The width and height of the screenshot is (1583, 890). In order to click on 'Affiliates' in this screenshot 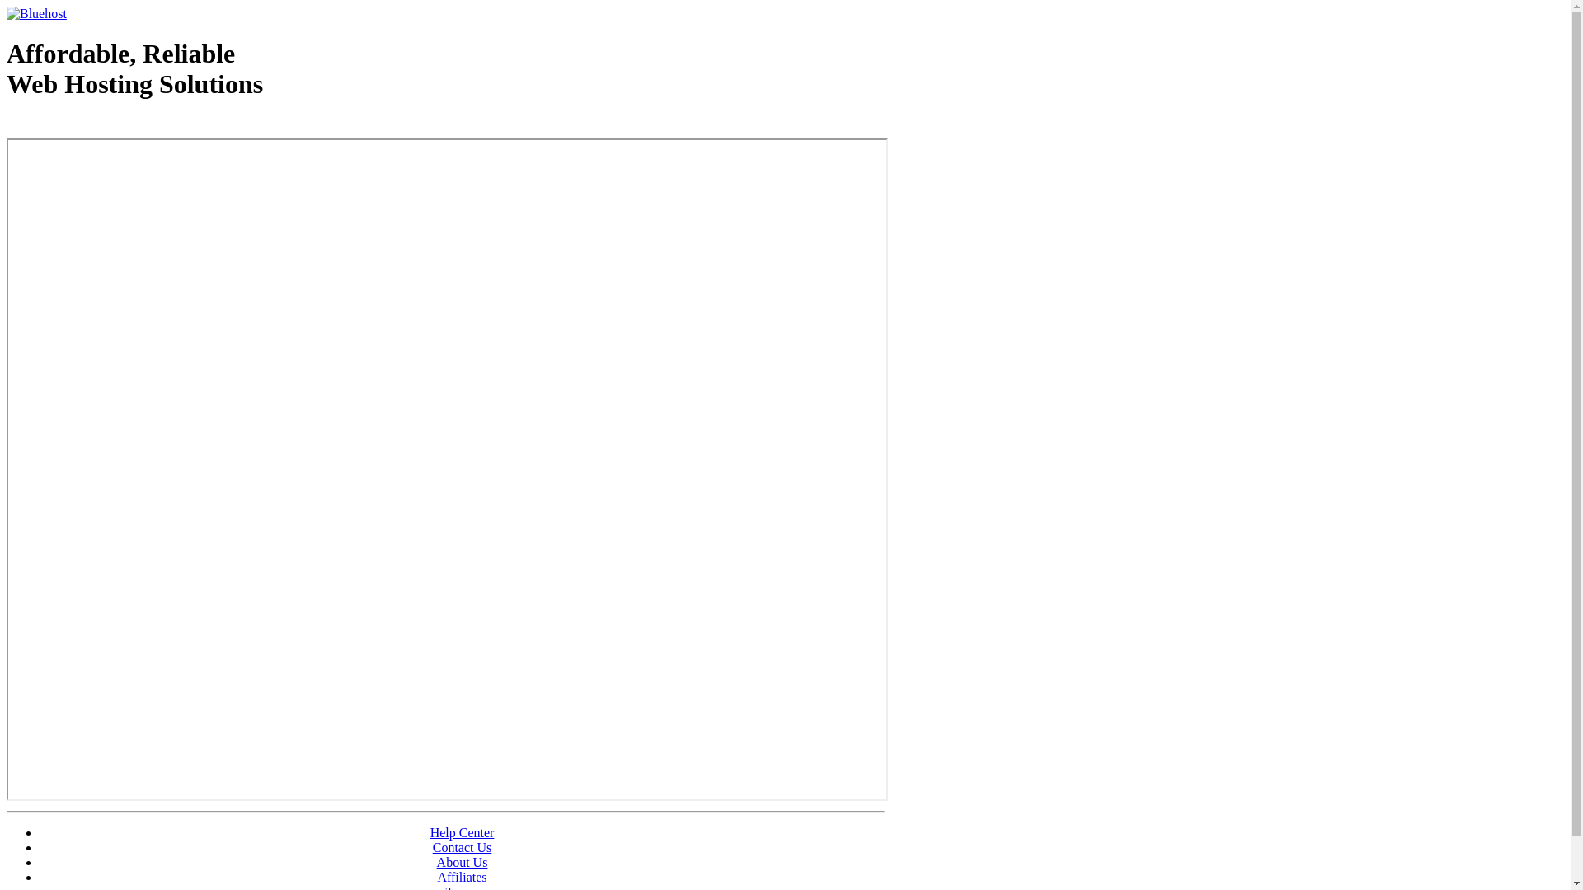, I will do `click(462, 876)`.